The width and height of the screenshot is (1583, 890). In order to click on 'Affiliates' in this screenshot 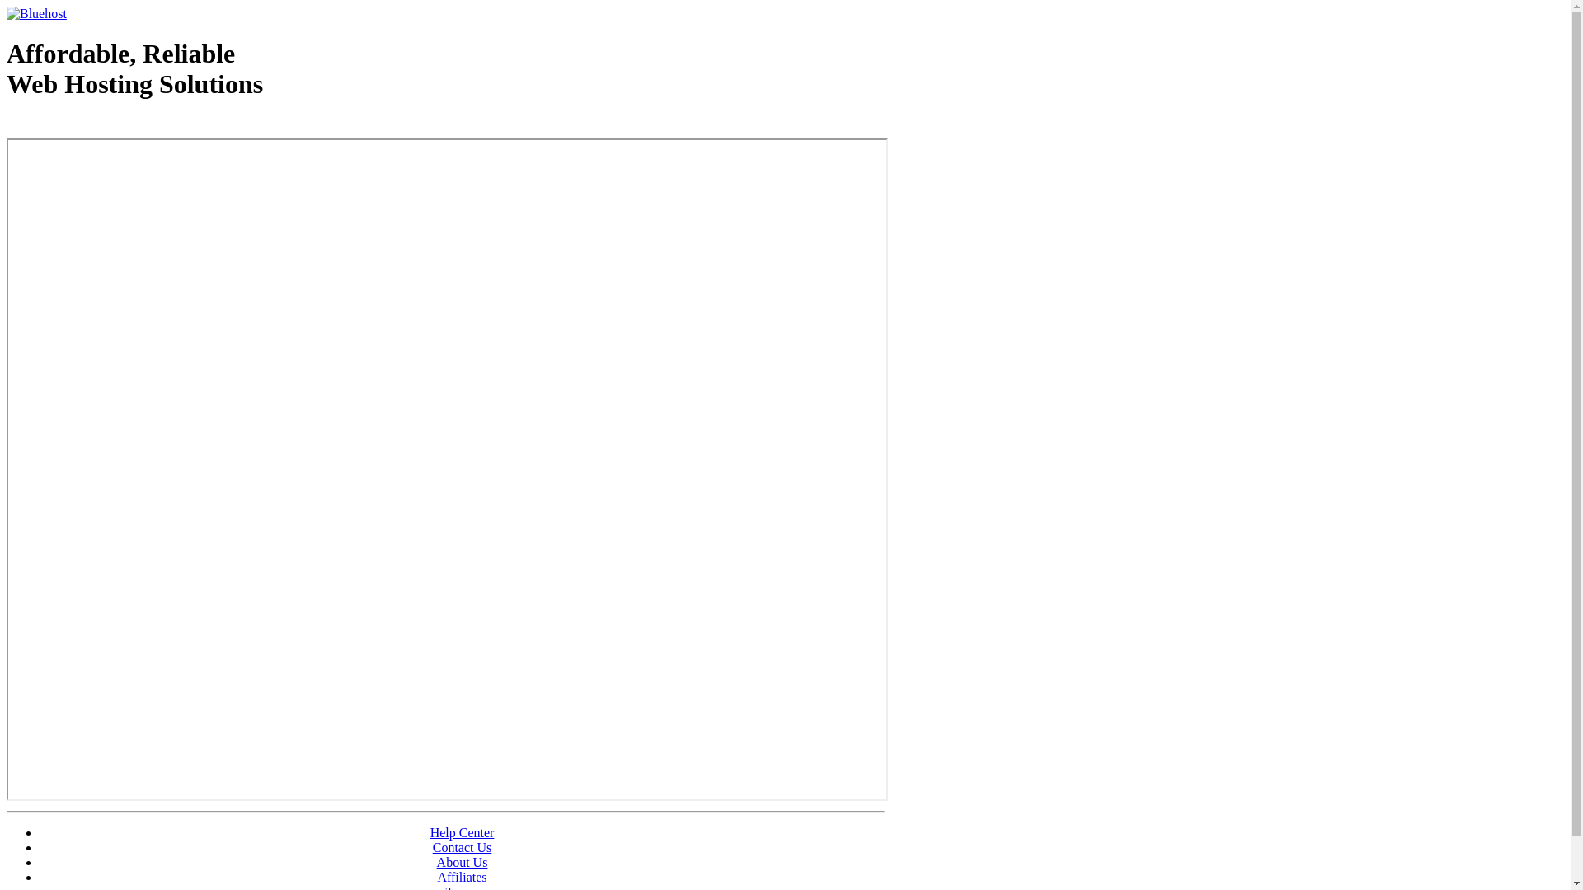, I will do `click(462, 876)`.